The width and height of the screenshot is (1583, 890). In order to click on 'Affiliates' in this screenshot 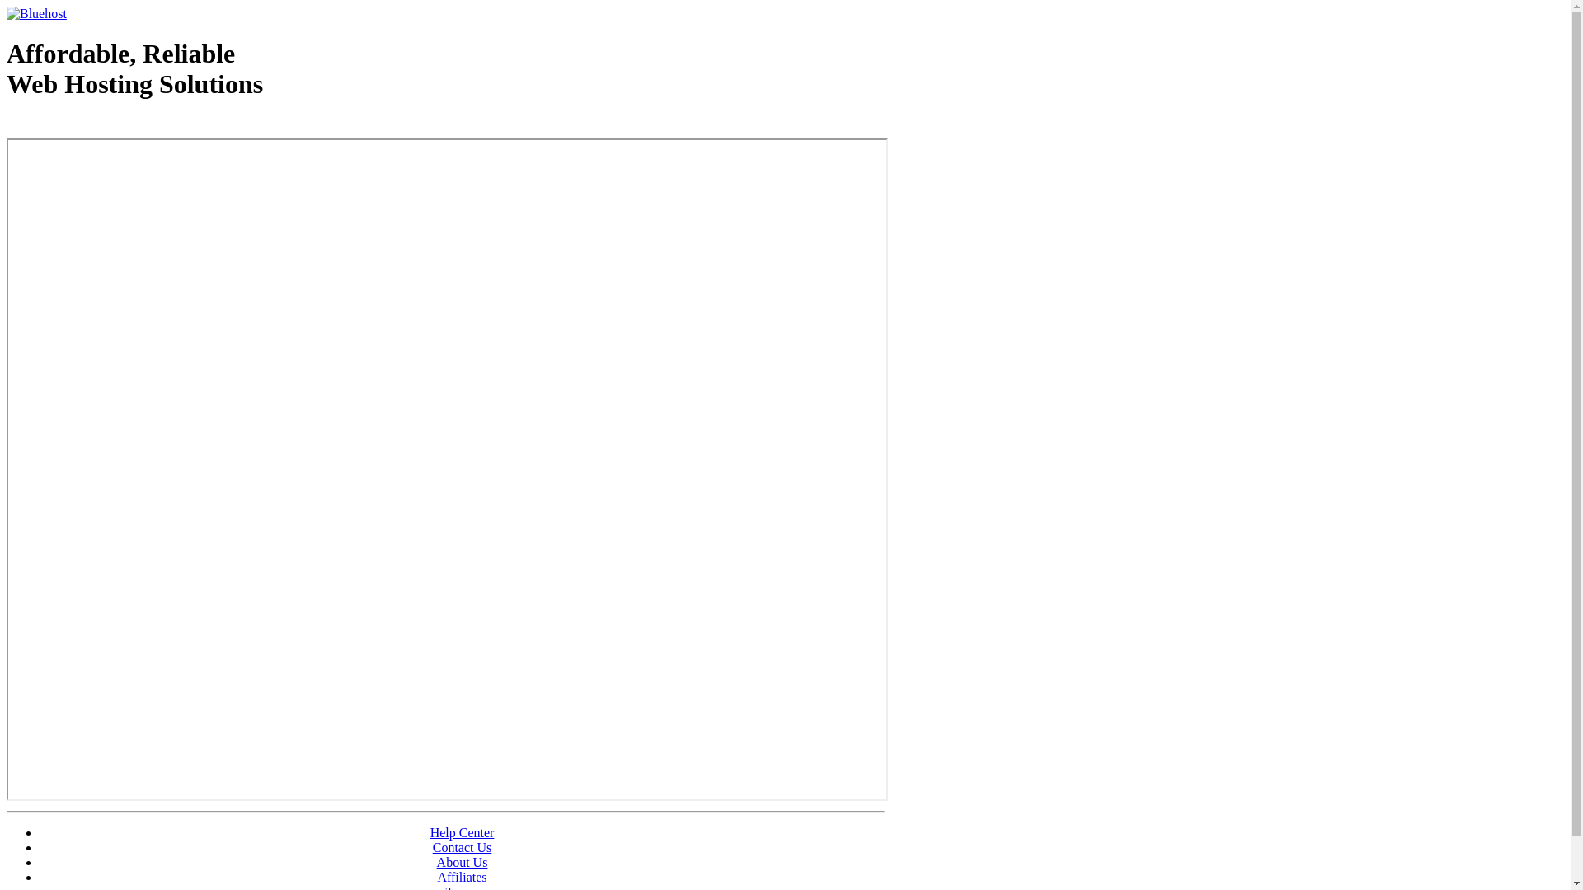, I will do `click(462, 876)`.